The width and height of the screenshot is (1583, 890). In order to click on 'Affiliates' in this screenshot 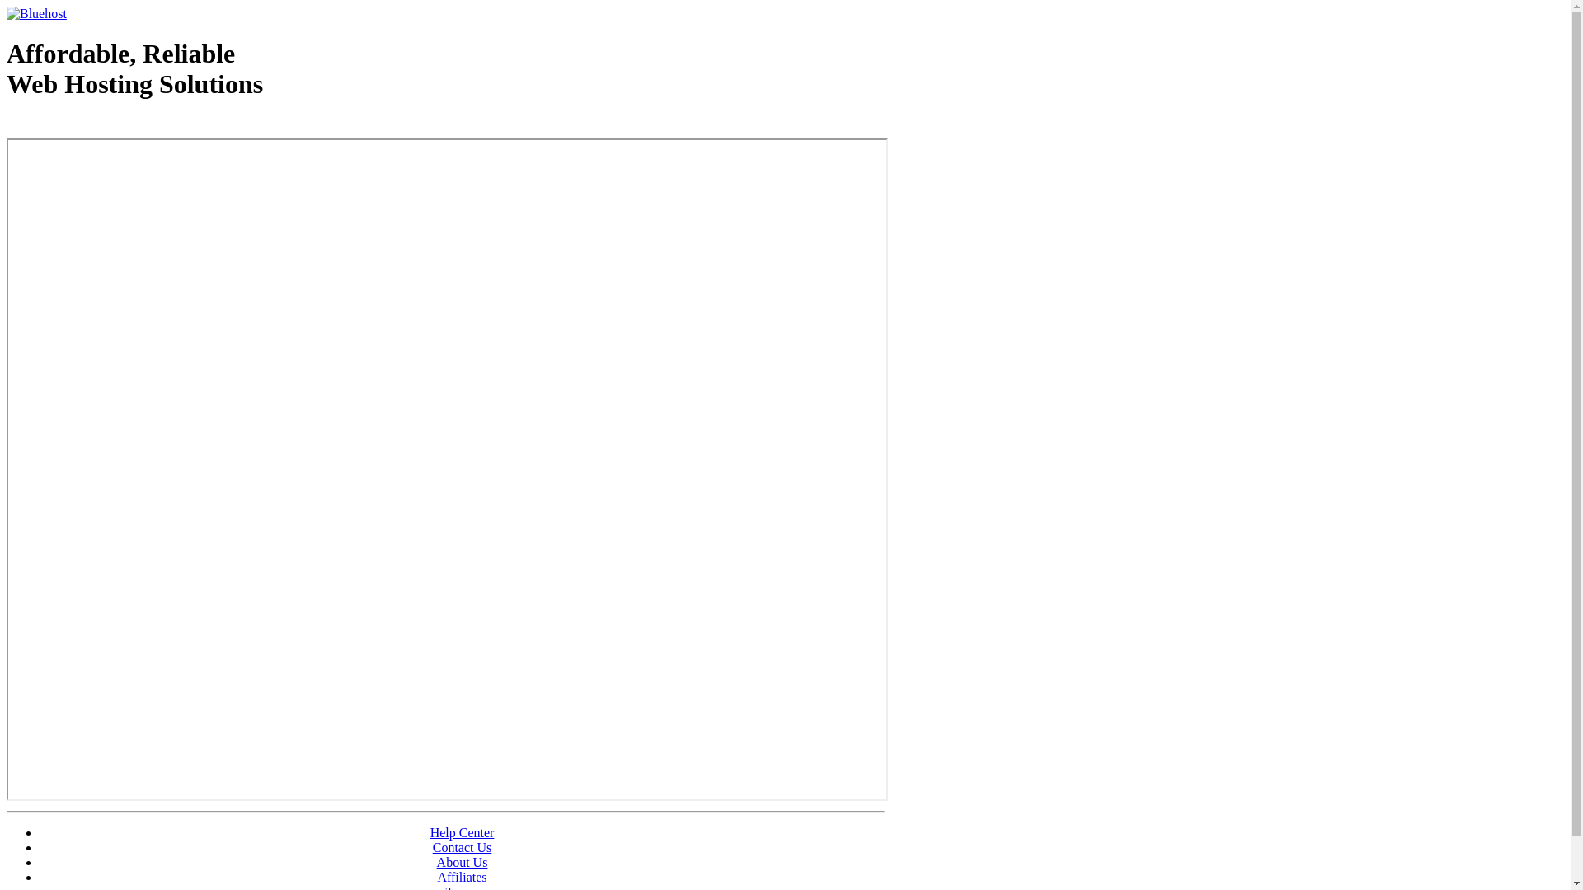, I will do `click(462, 876)`.